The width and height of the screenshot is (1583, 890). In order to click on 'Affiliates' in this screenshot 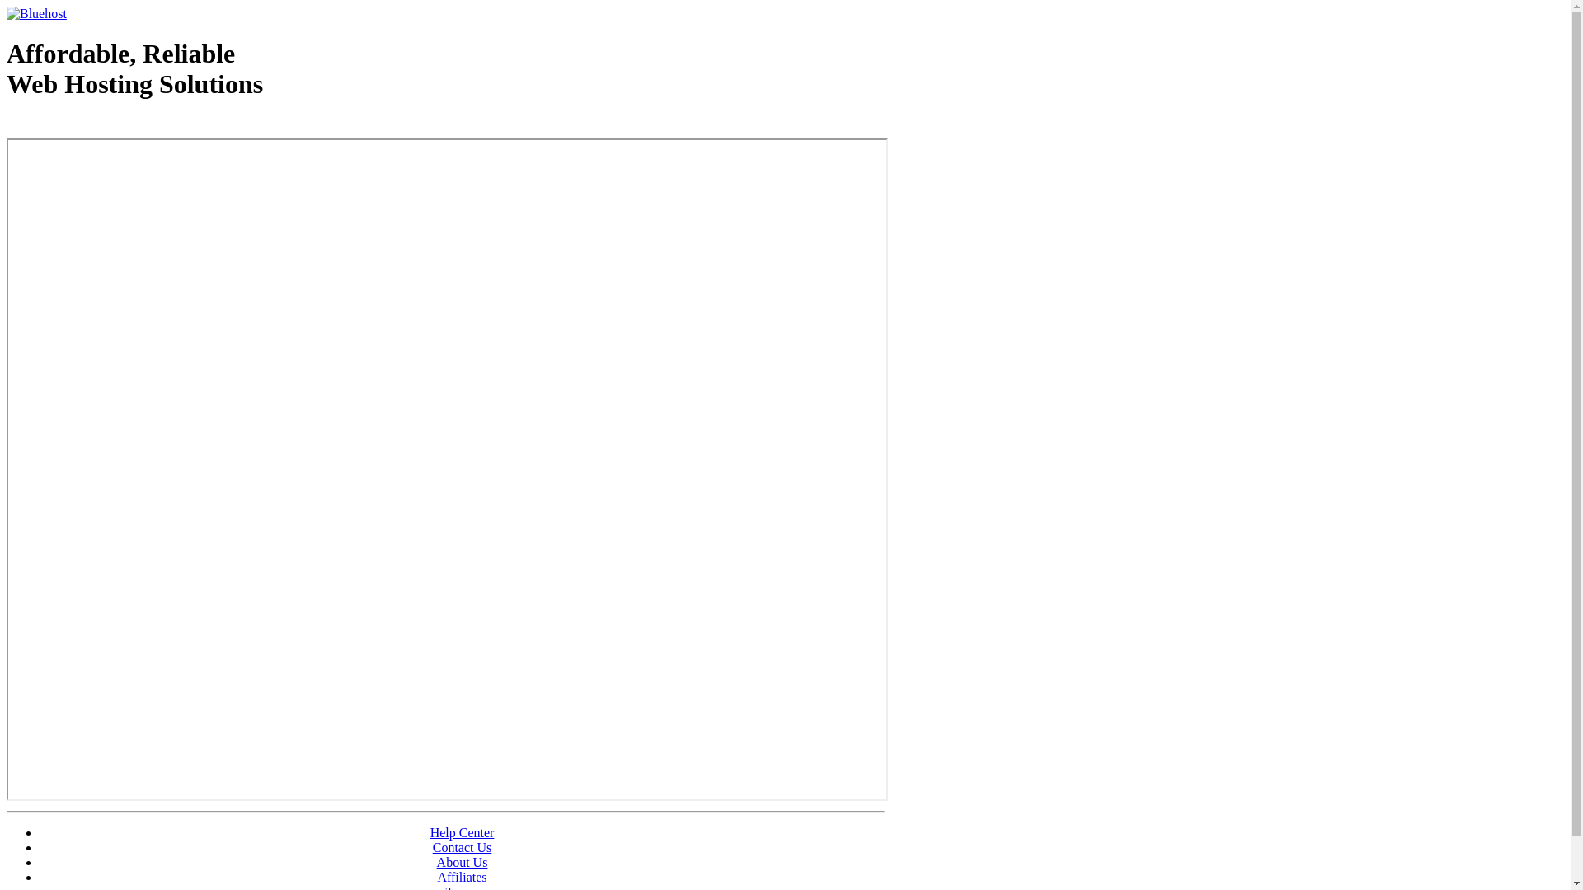, I will do `click(462, 876)`.